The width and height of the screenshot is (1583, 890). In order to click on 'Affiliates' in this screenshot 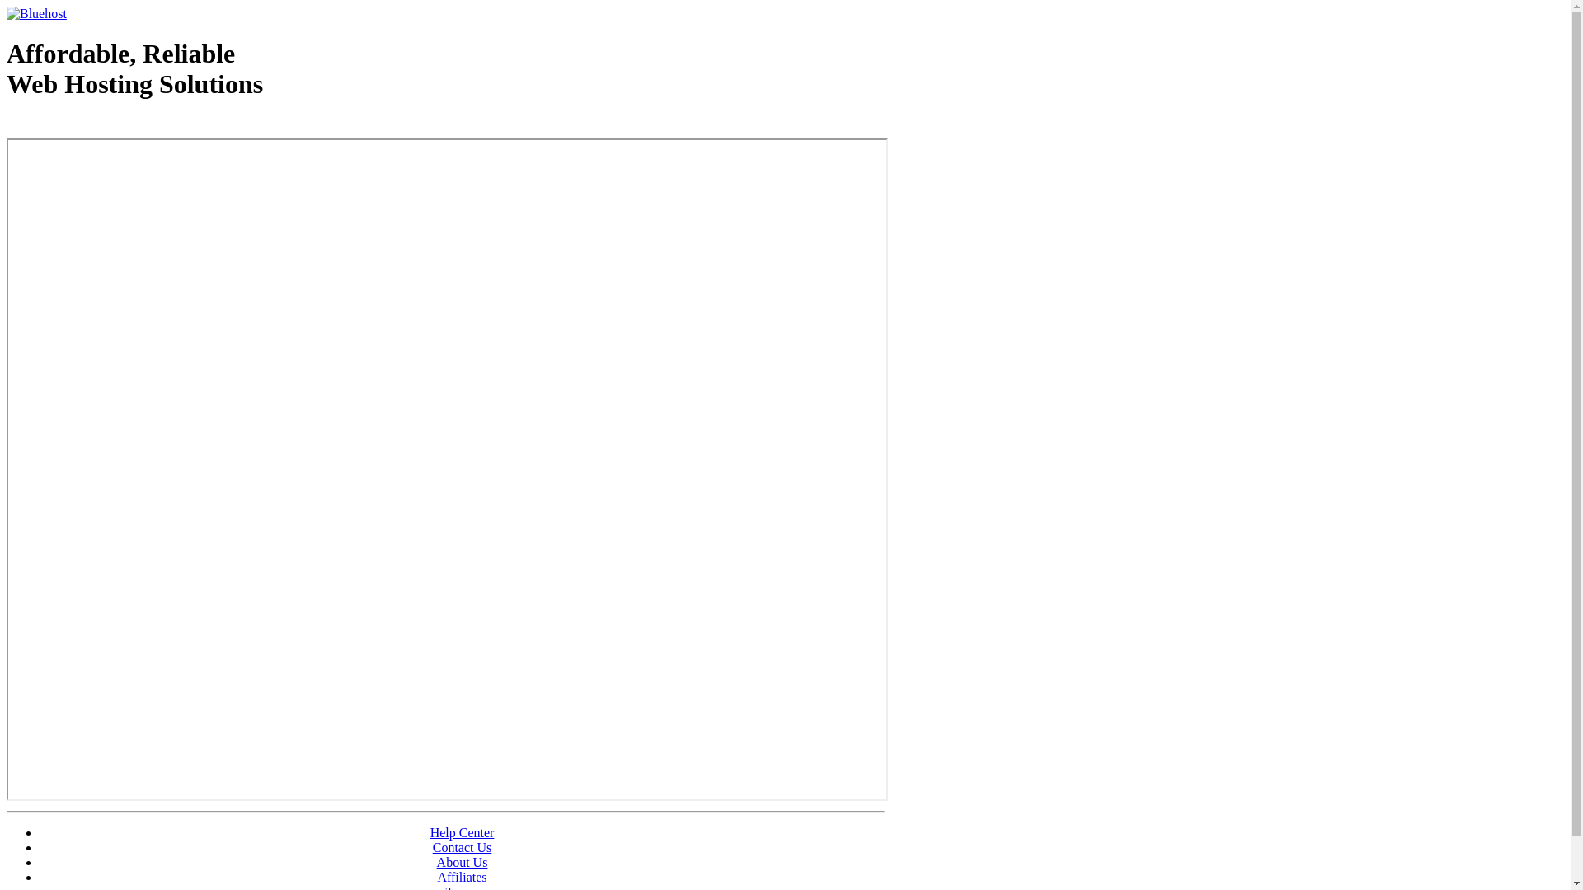, I will do `click(462, 876)`.